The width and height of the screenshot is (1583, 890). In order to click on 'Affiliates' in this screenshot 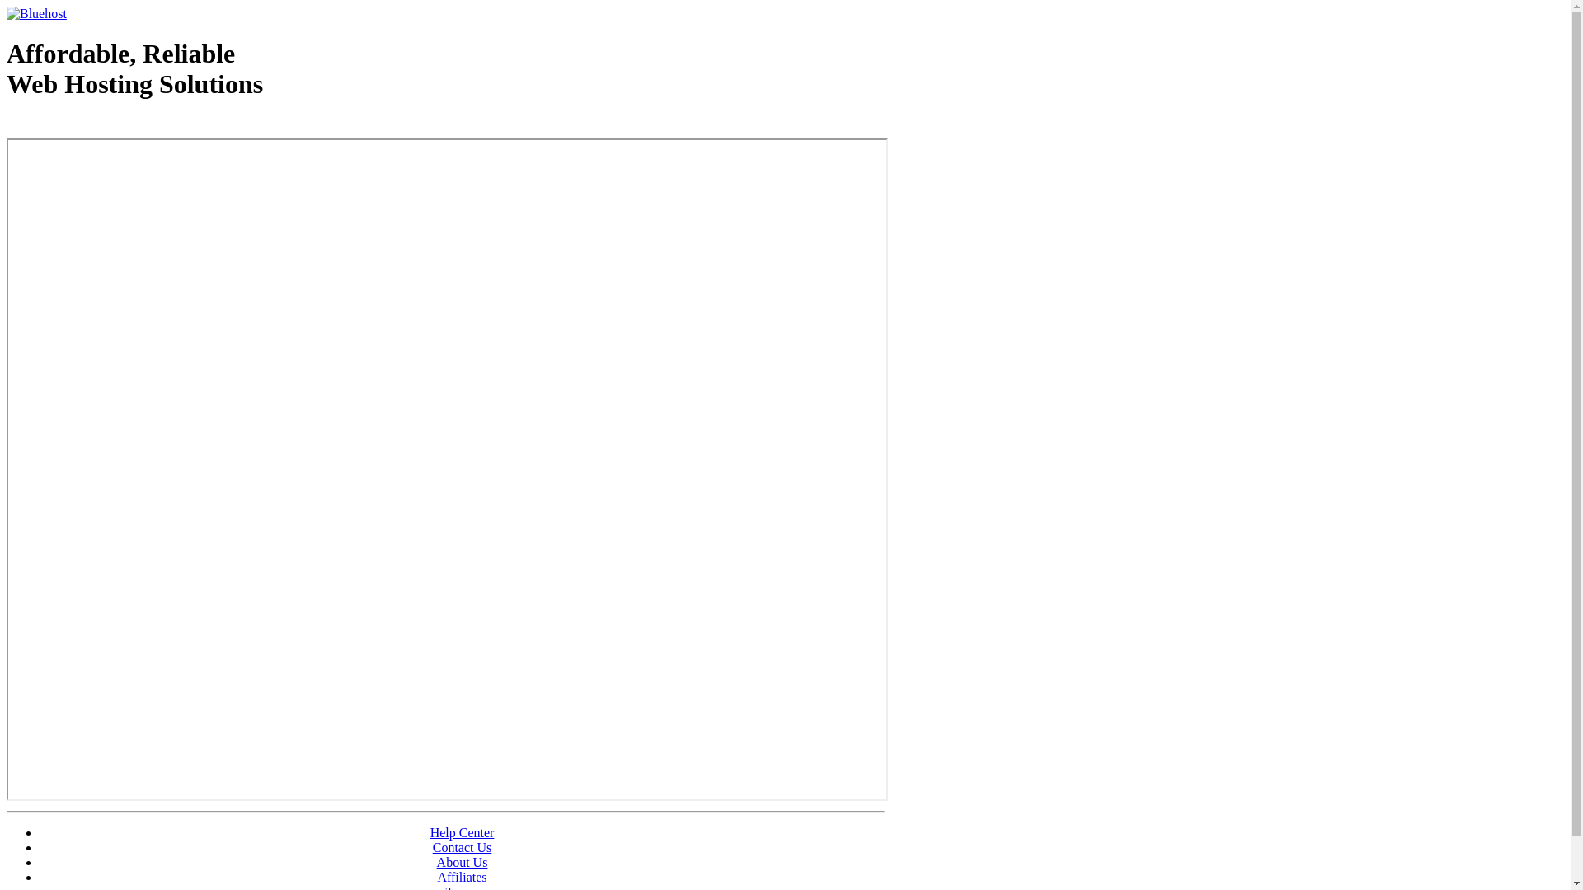, I will do `click(462, 876)`.